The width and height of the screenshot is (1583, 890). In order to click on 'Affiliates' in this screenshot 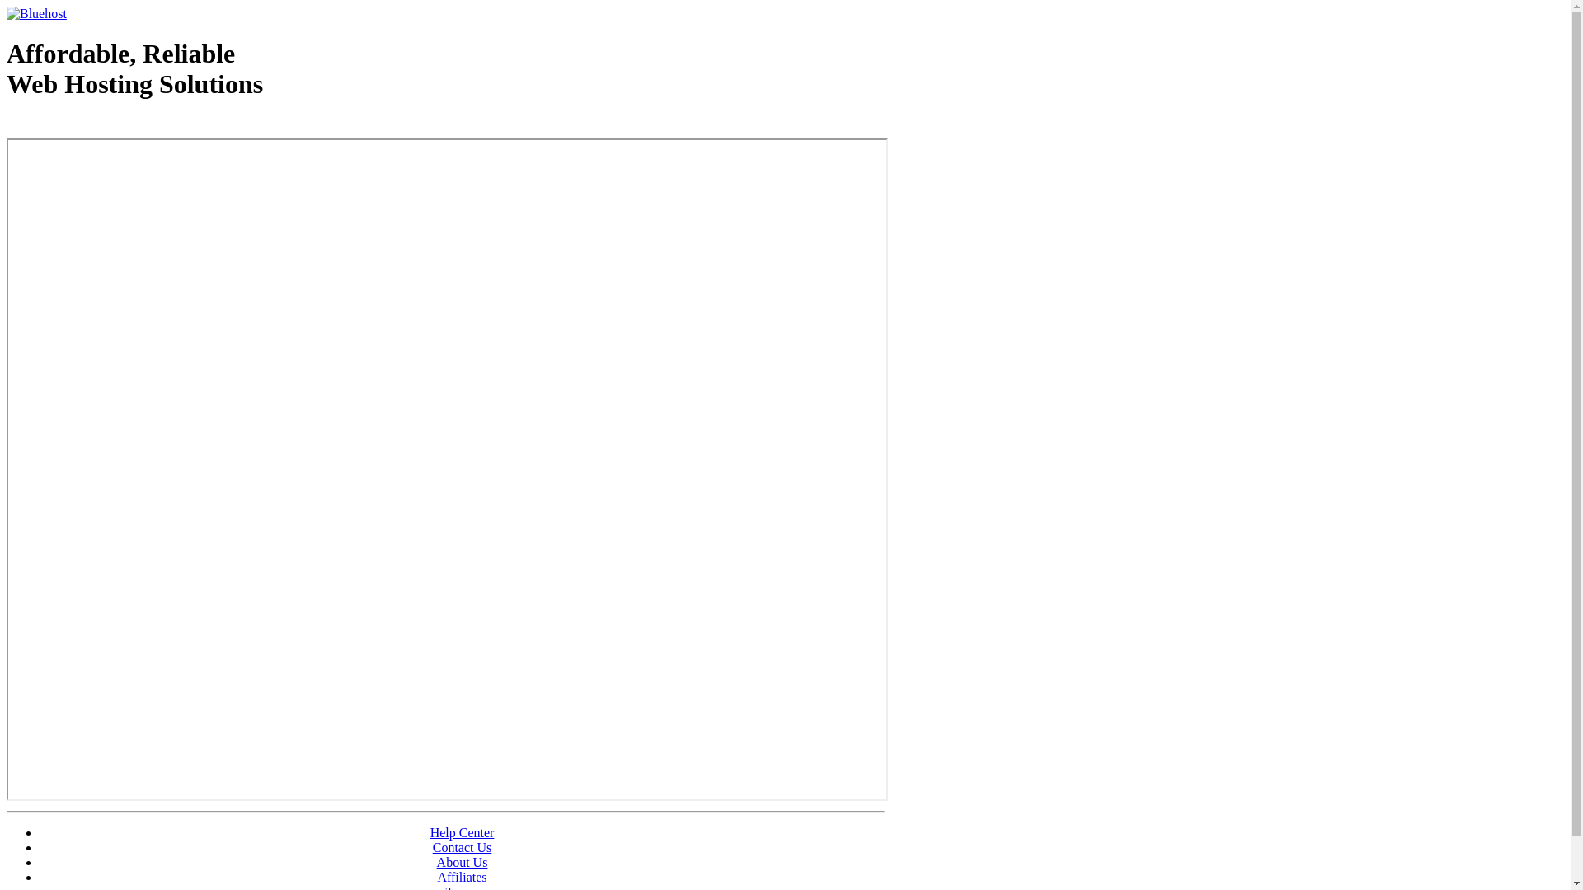, I will do `click(462, 876)`.